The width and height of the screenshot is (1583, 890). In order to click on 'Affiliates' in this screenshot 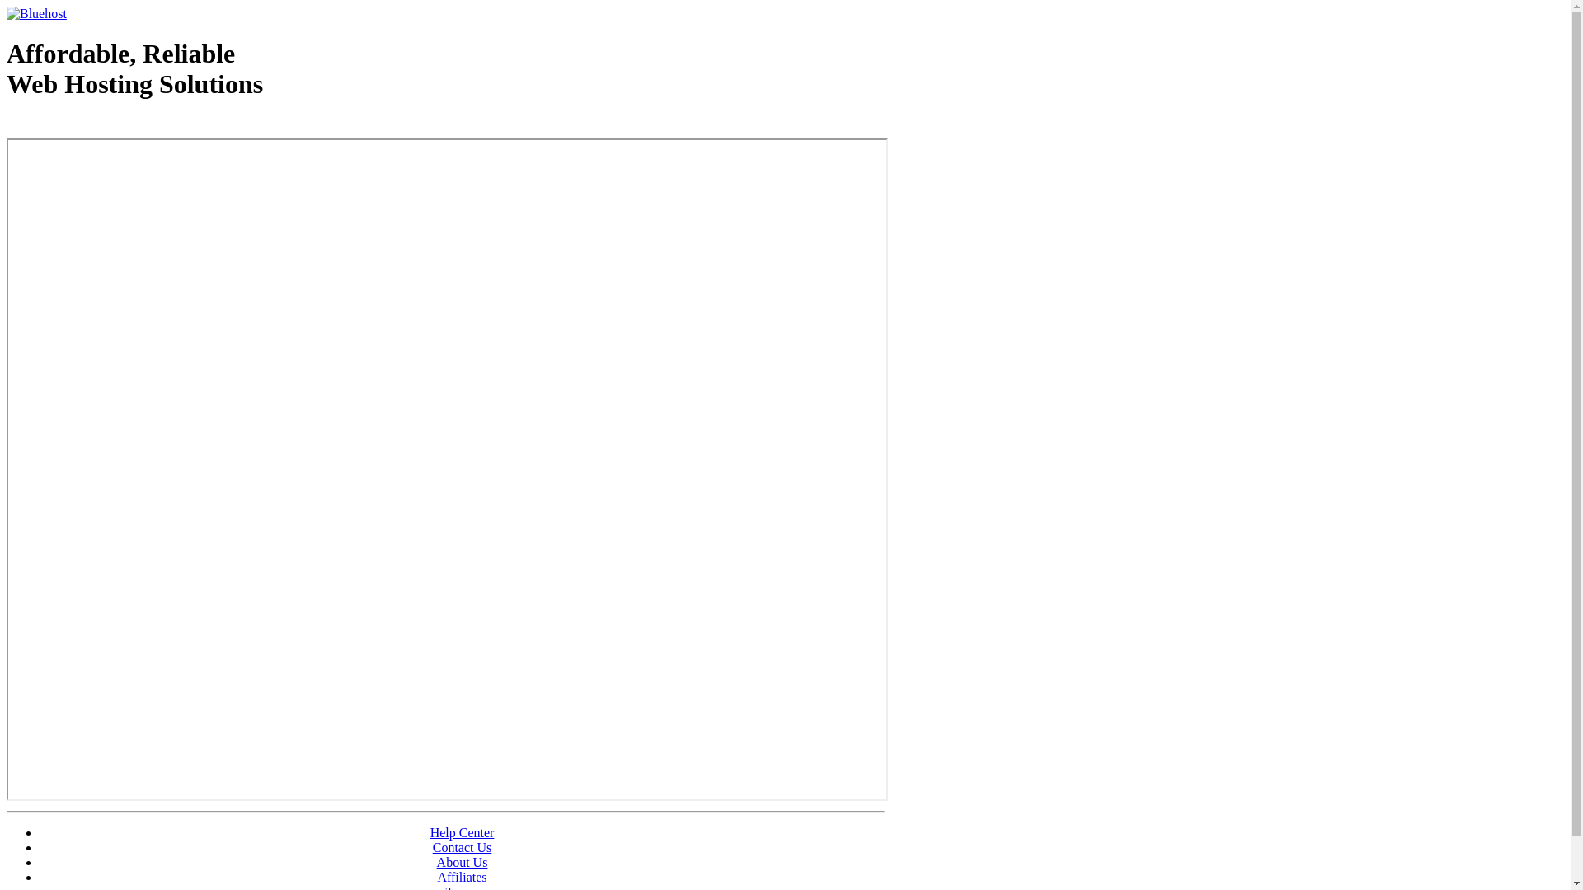, I will do `click(462, 876)`.